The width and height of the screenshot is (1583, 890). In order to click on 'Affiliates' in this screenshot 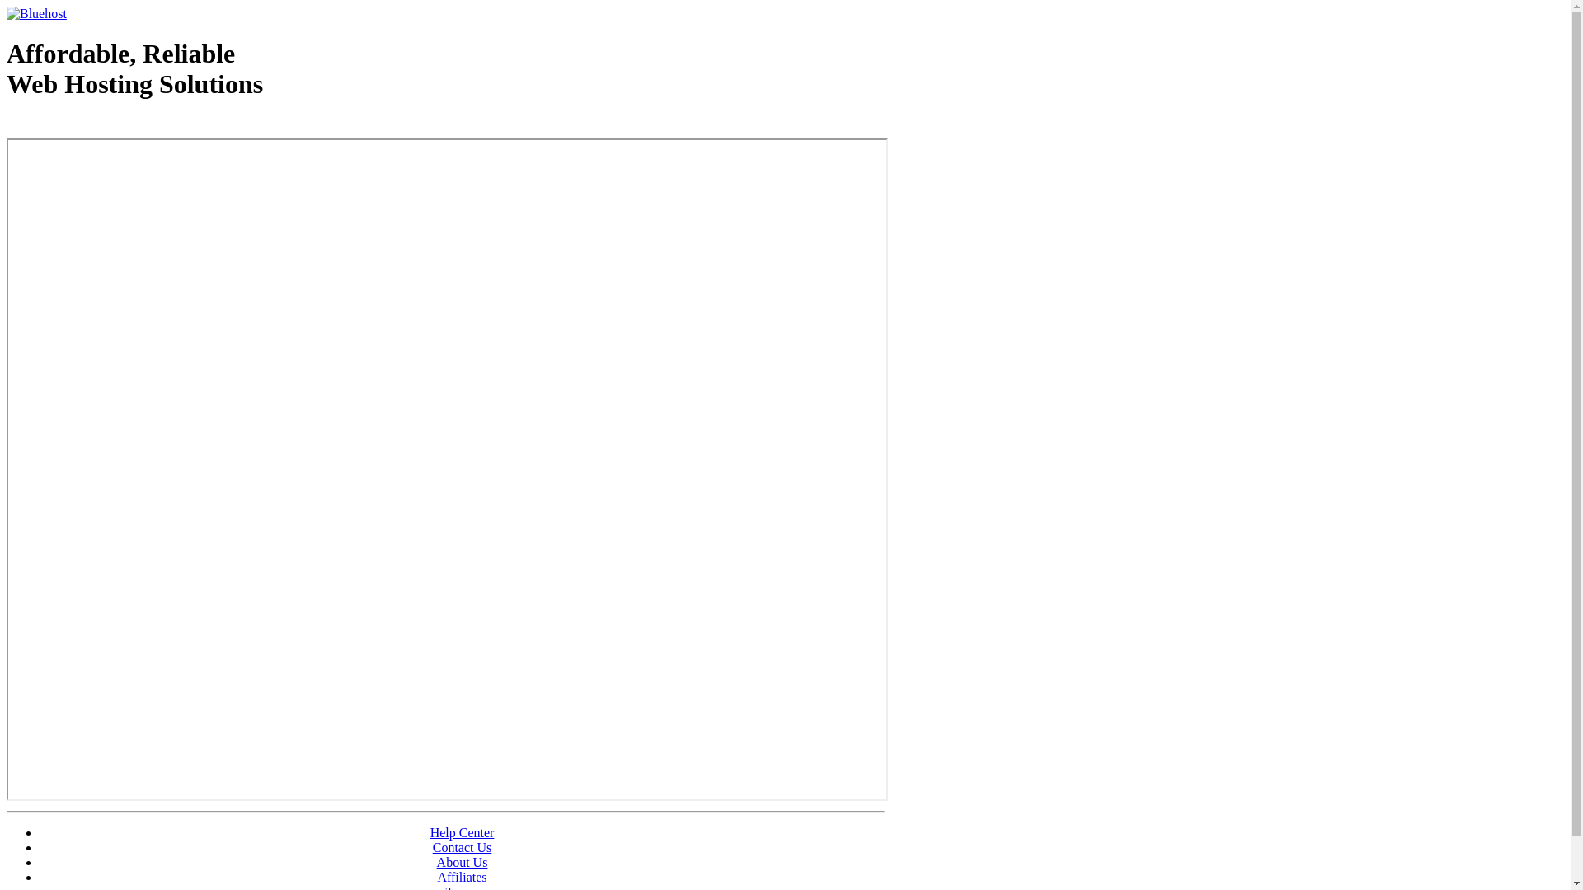, I will do `click(462, 876)`.